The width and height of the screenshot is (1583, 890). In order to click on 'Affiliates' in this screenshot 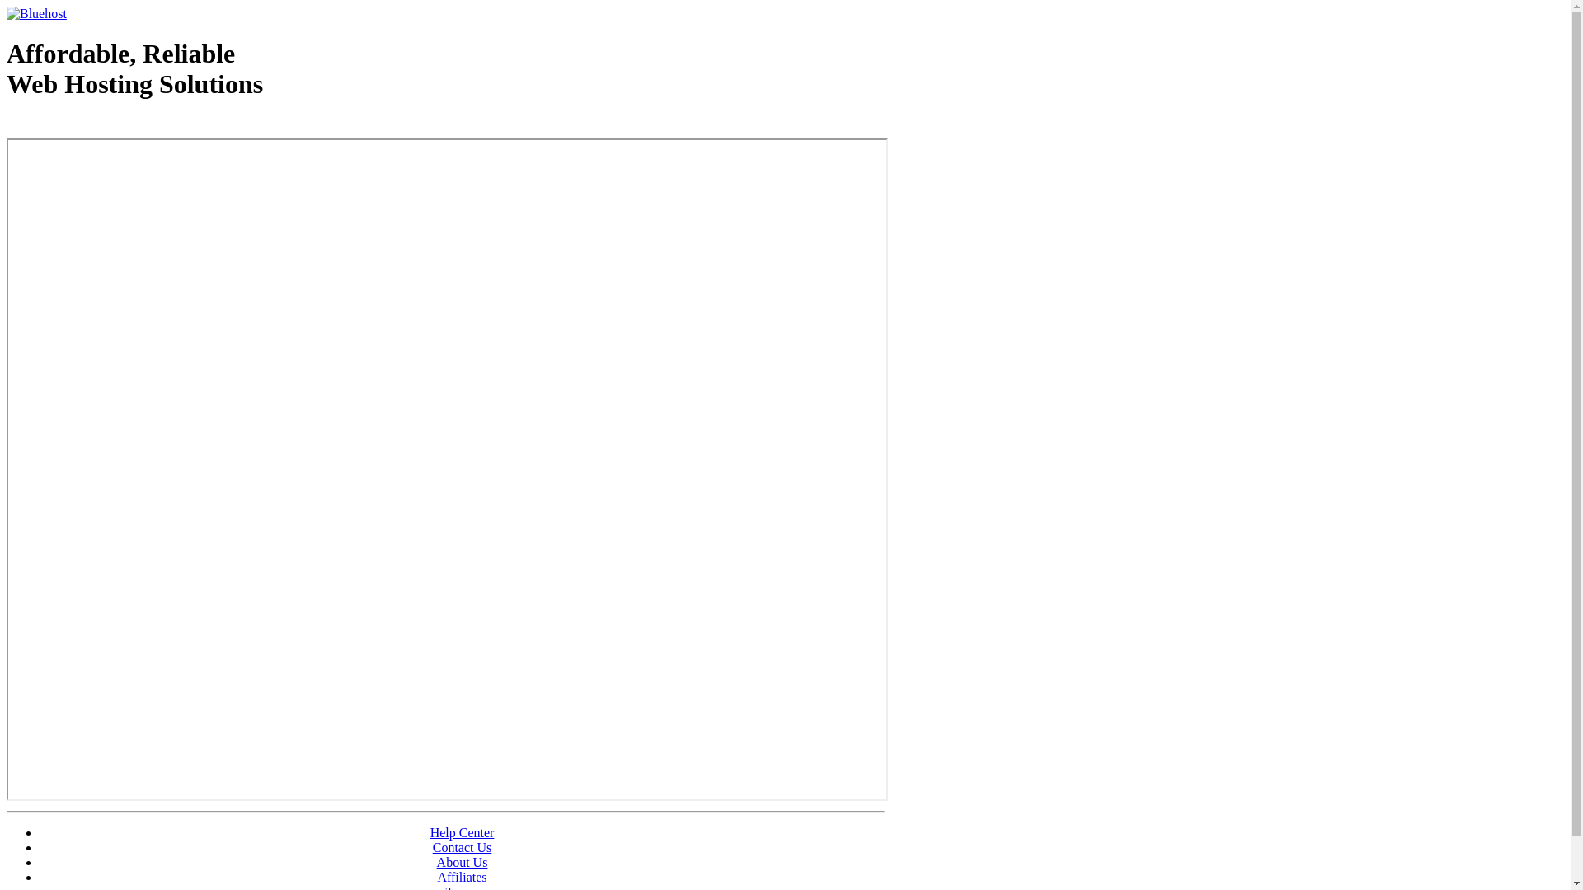, I will do `click(462, 876)`.